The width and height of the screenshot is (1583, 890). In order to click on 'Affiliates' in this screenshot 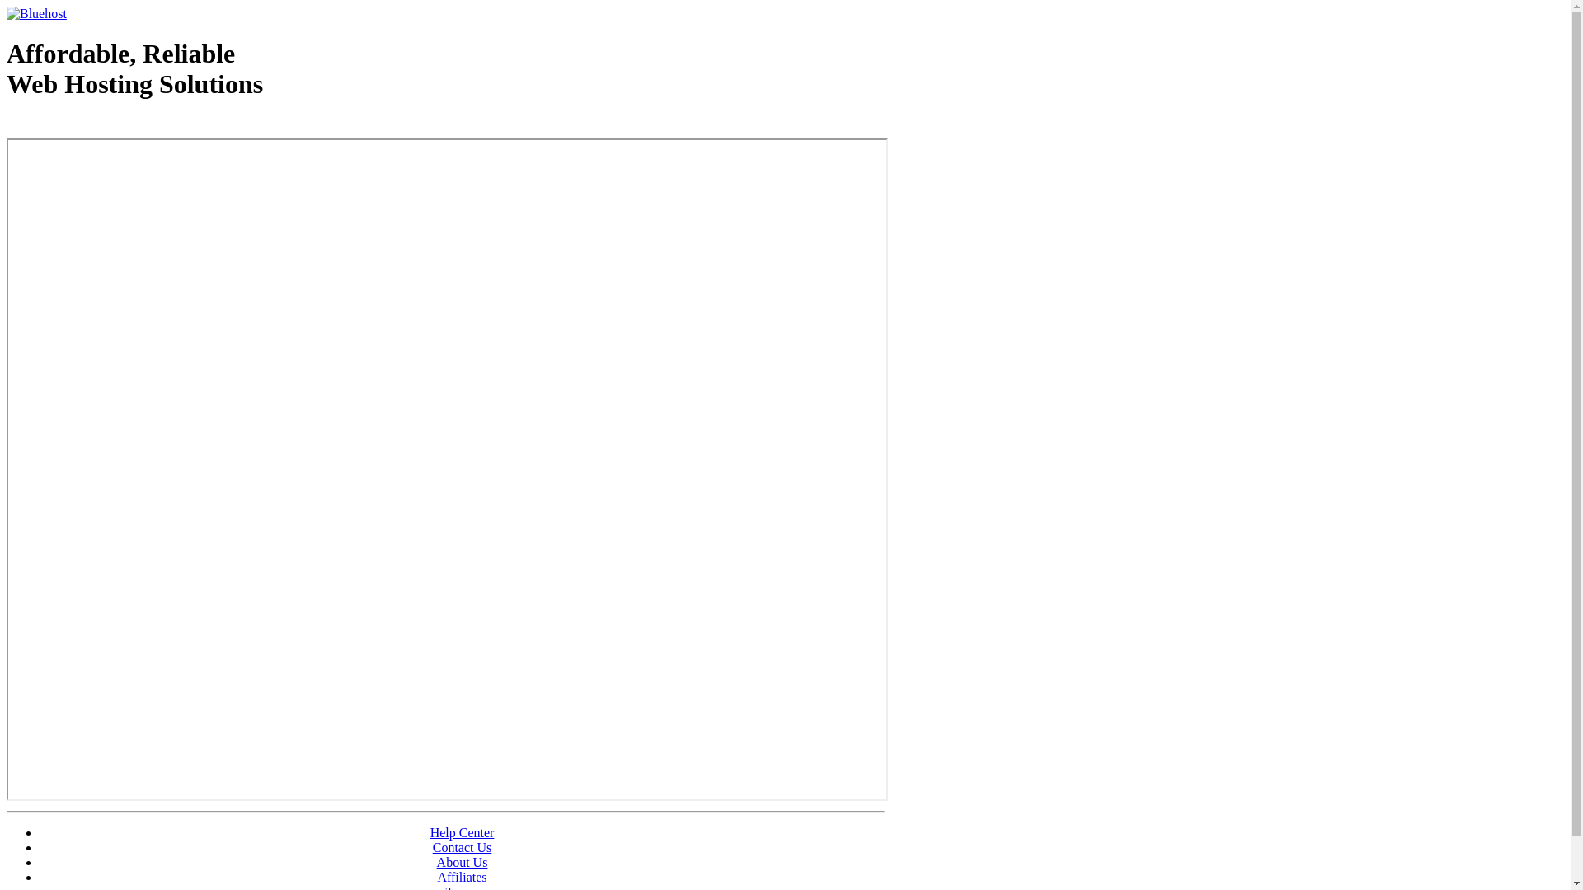, I will do `click(462, 876)`.